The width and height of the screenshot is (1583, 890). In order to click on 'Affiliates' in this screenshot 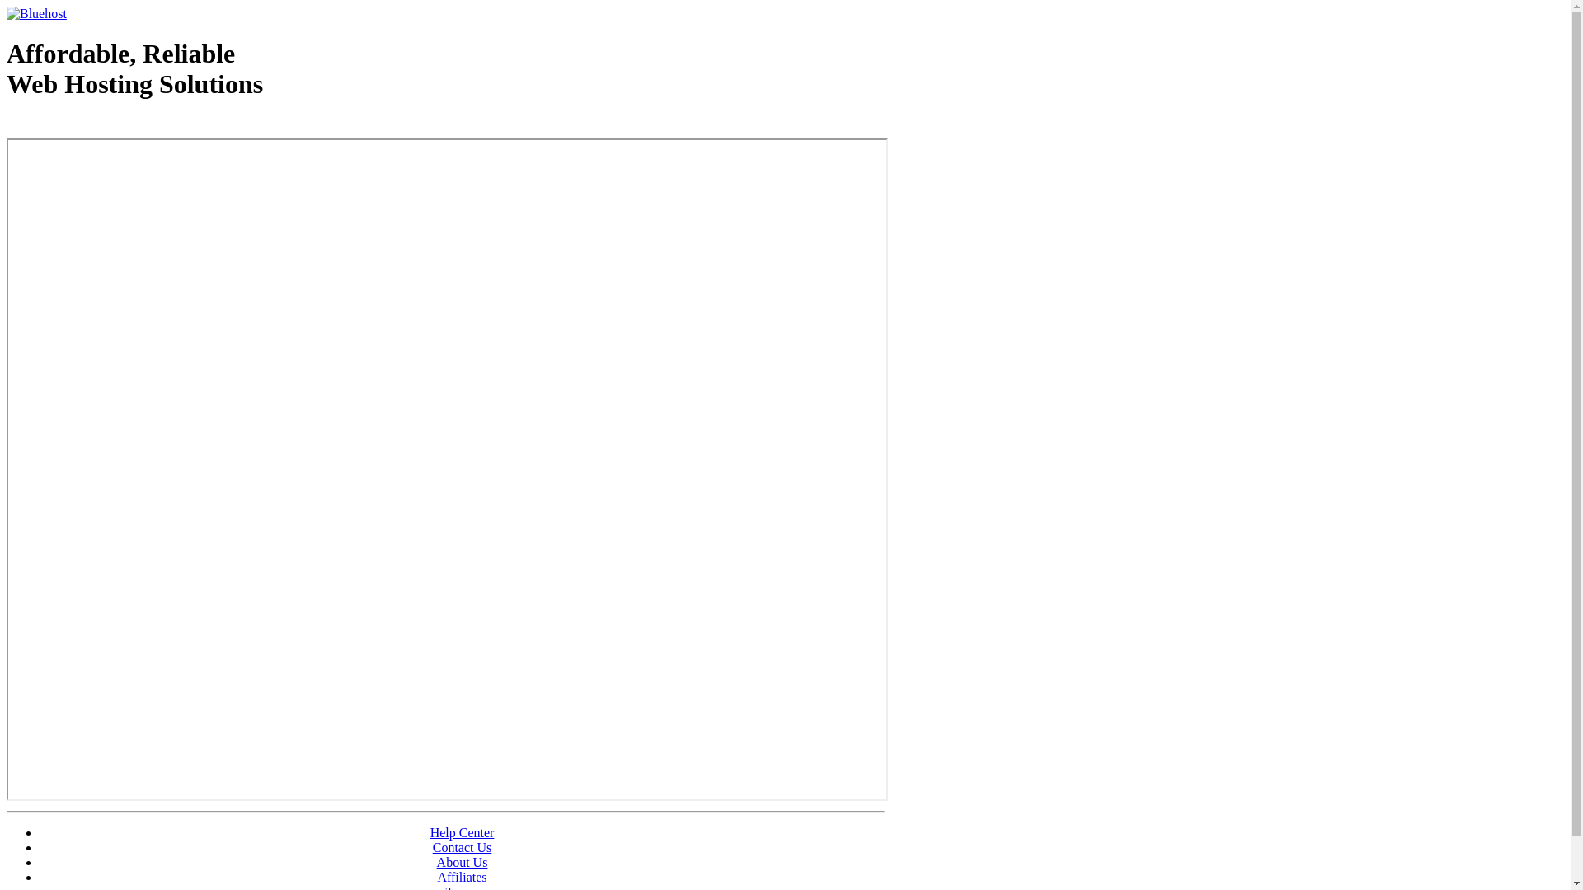, I will do `click(462, 876)`.